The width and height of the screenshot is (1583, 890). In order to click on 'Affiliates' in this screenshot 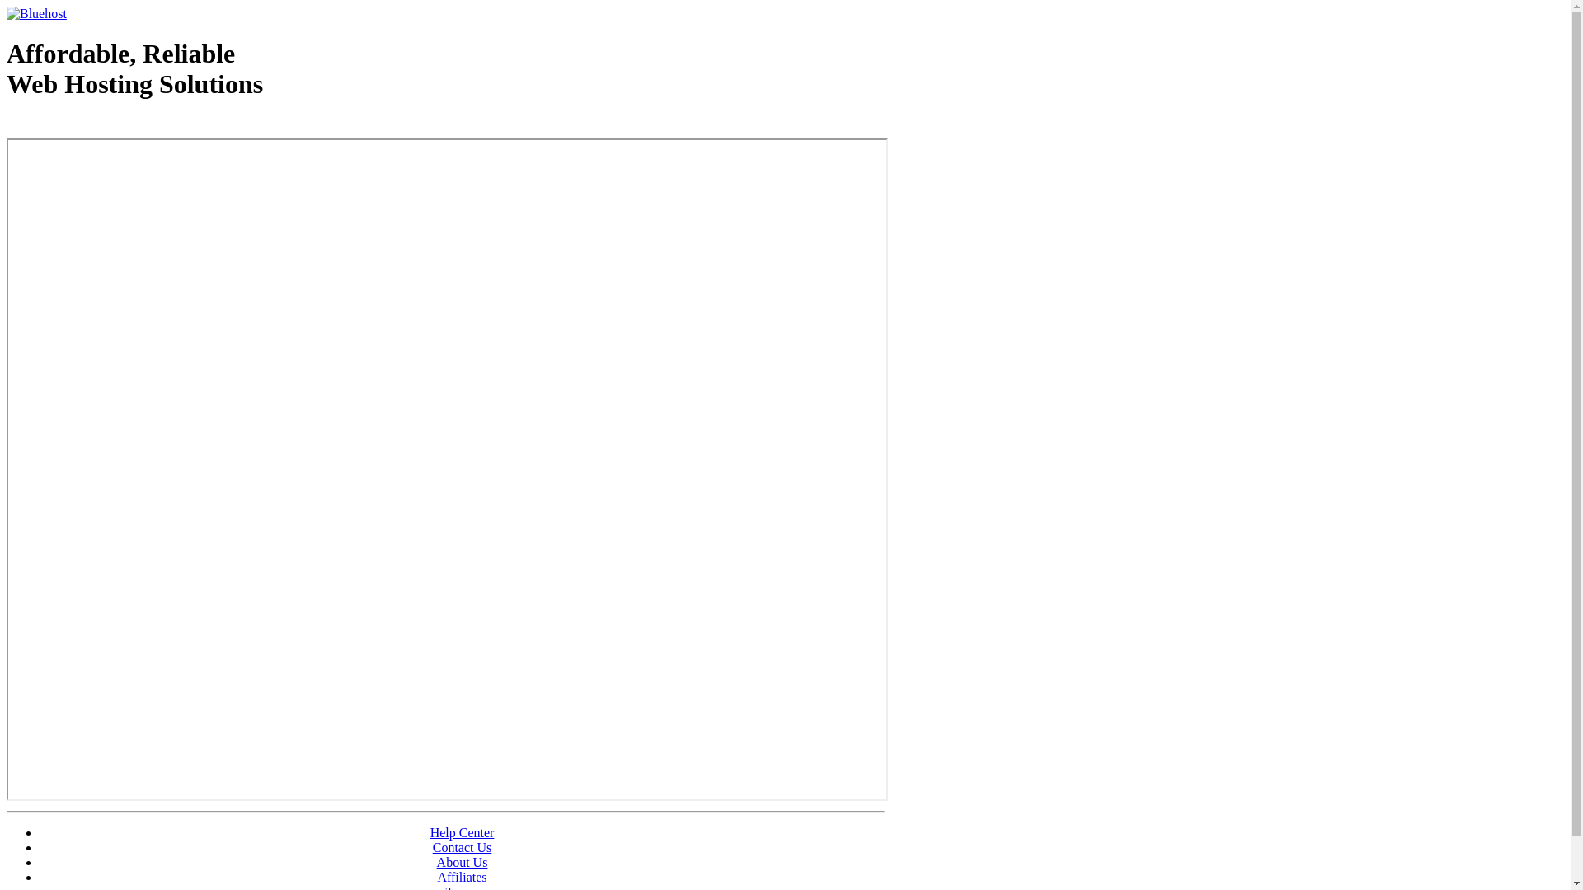, I will do `click(462, 876)`.